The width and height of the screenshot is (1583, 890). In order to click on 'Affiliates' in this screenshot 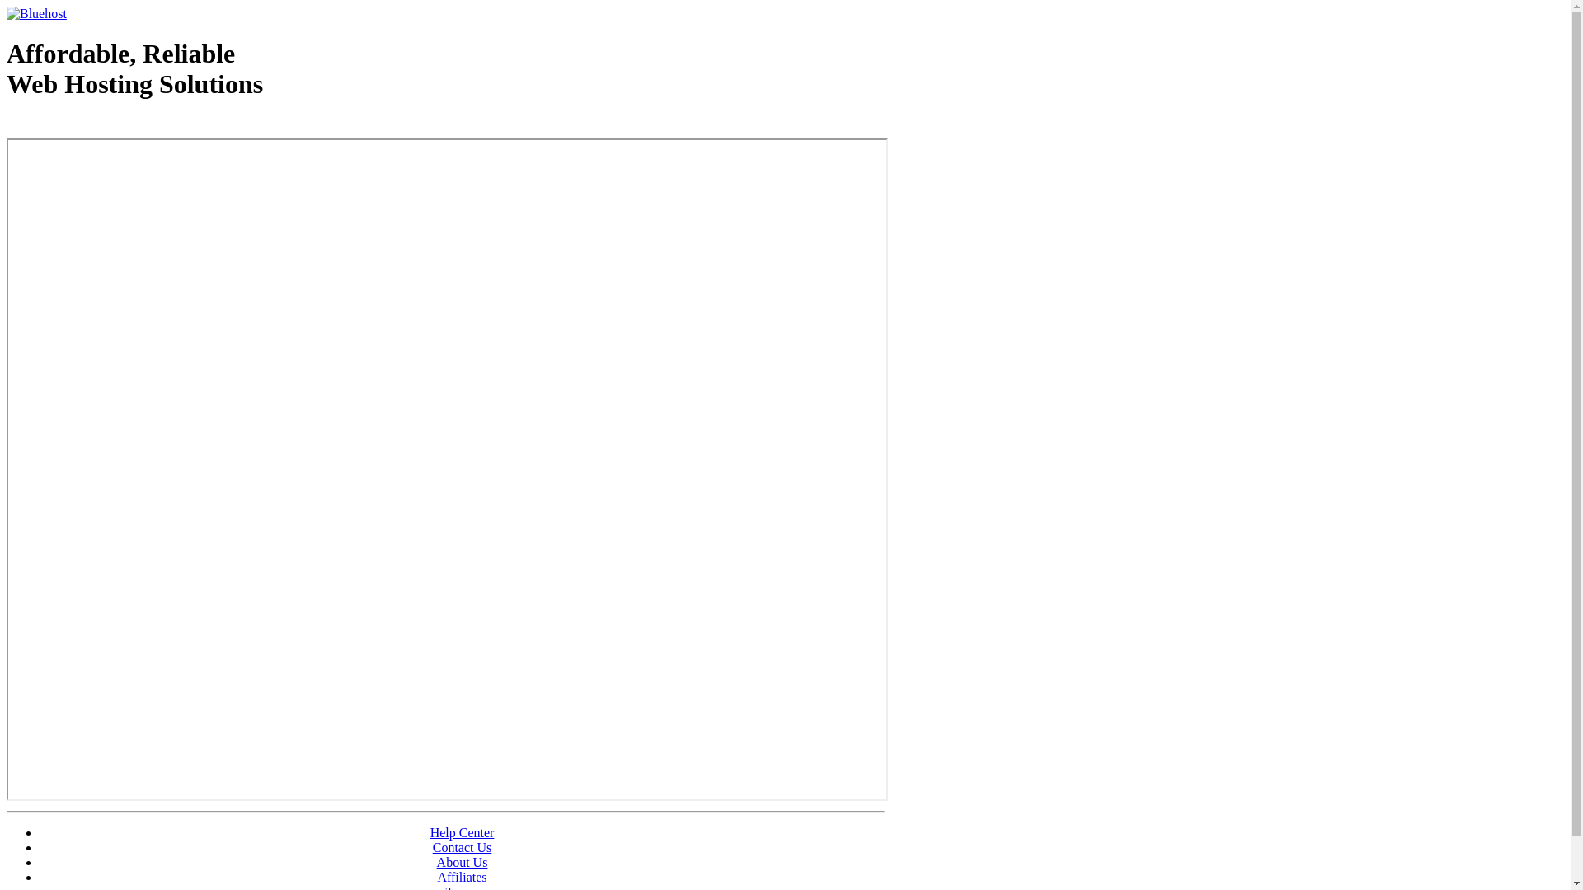, I will do `click(462, 876)`.